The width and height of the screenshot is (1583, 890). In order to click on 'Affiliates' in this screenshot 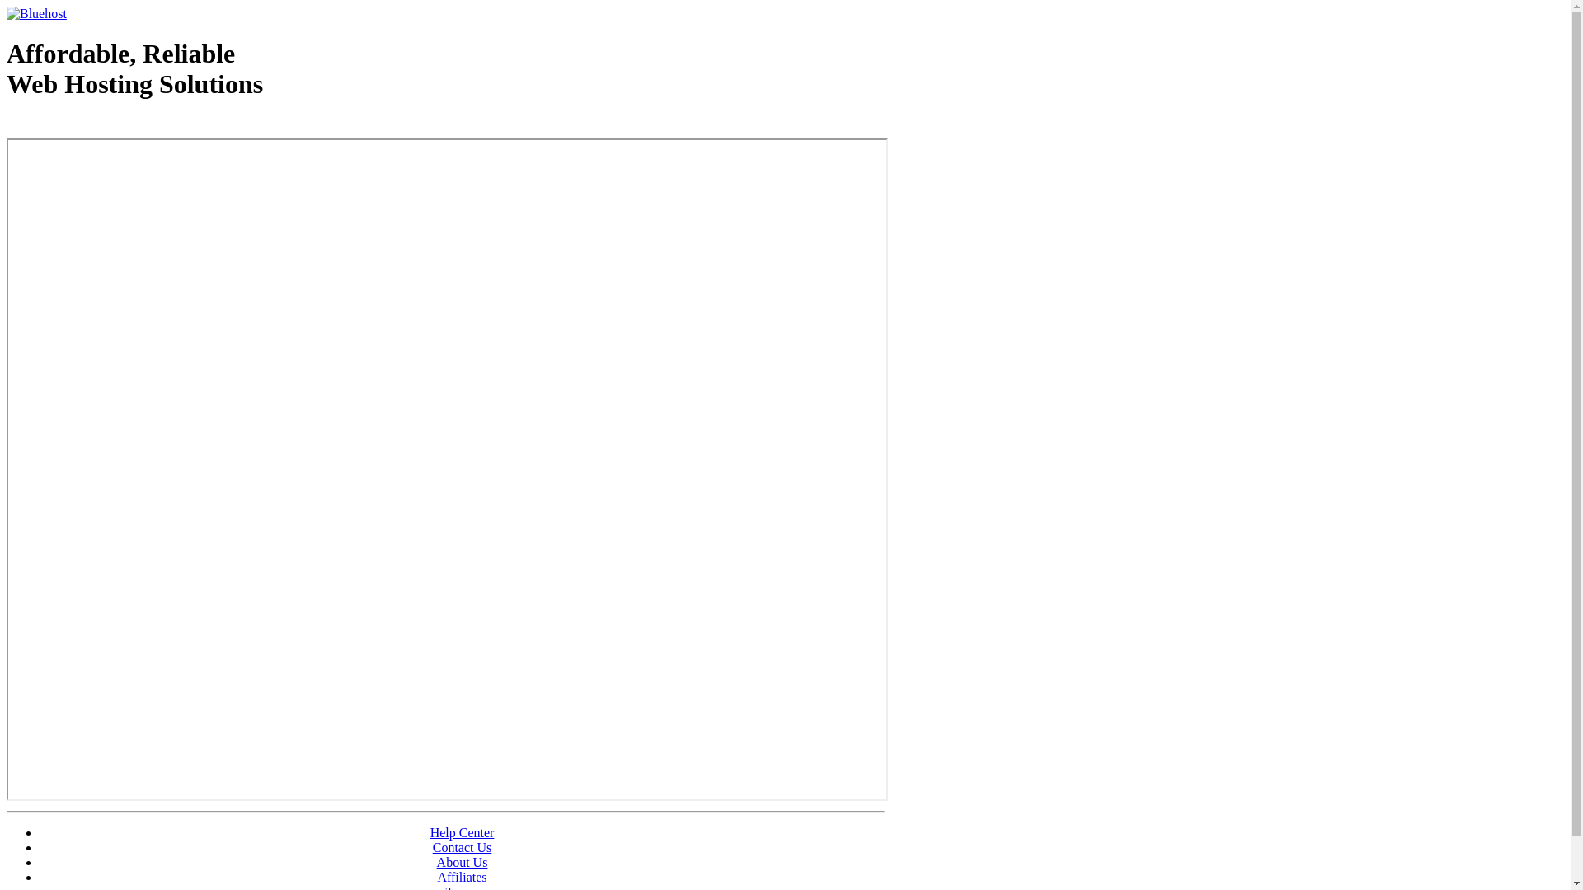, I will do `click(462, 876)`.